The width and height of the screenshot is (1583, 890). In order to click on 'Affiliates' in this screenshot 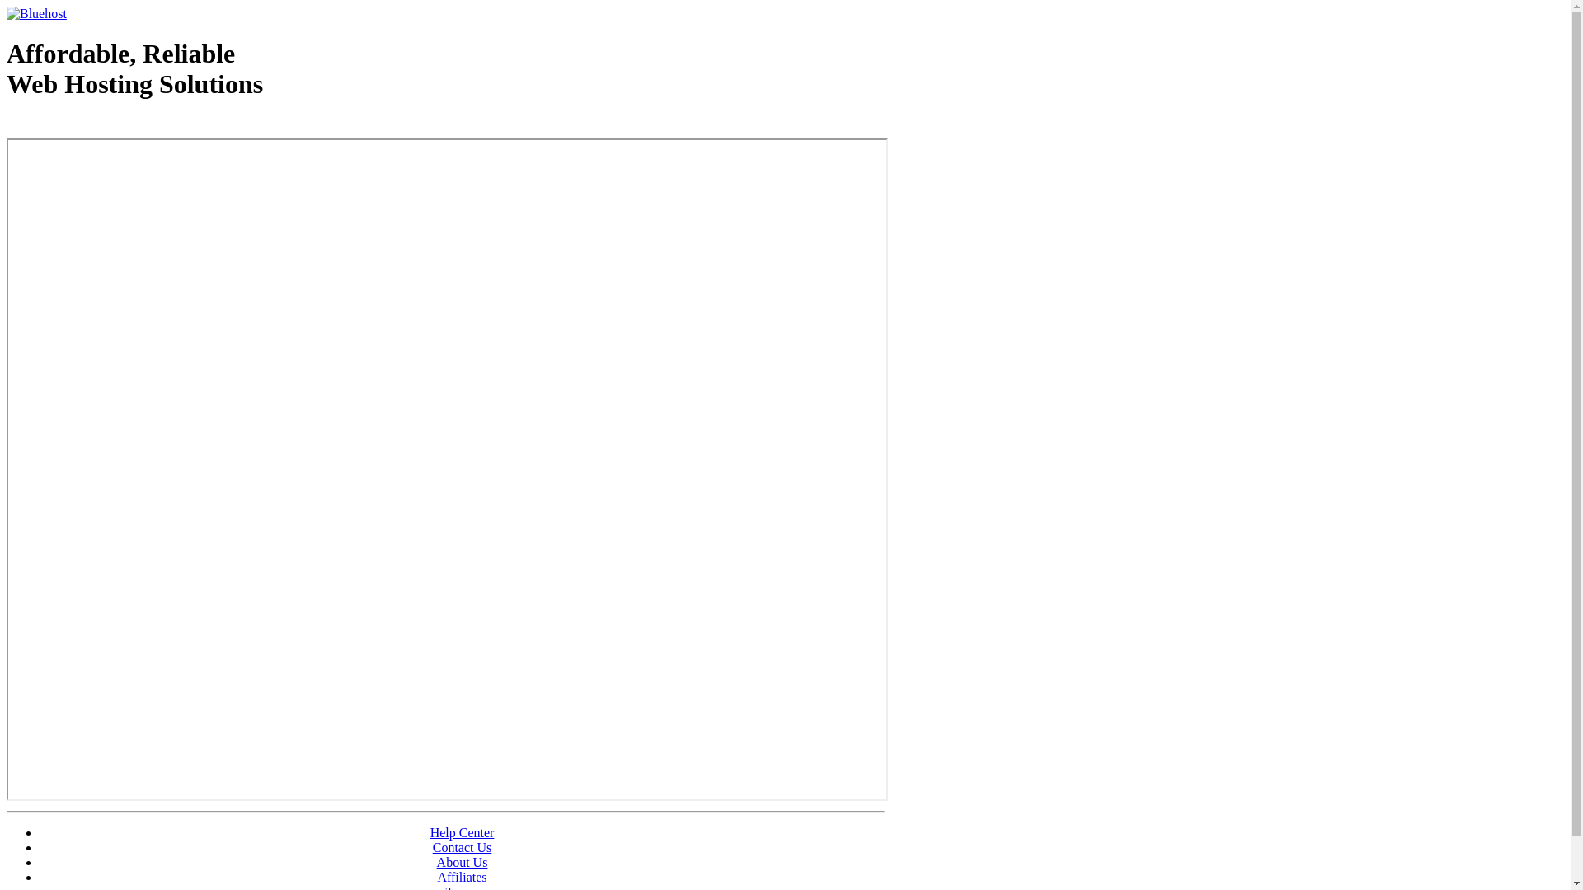, I will do `click(462, 876)`.